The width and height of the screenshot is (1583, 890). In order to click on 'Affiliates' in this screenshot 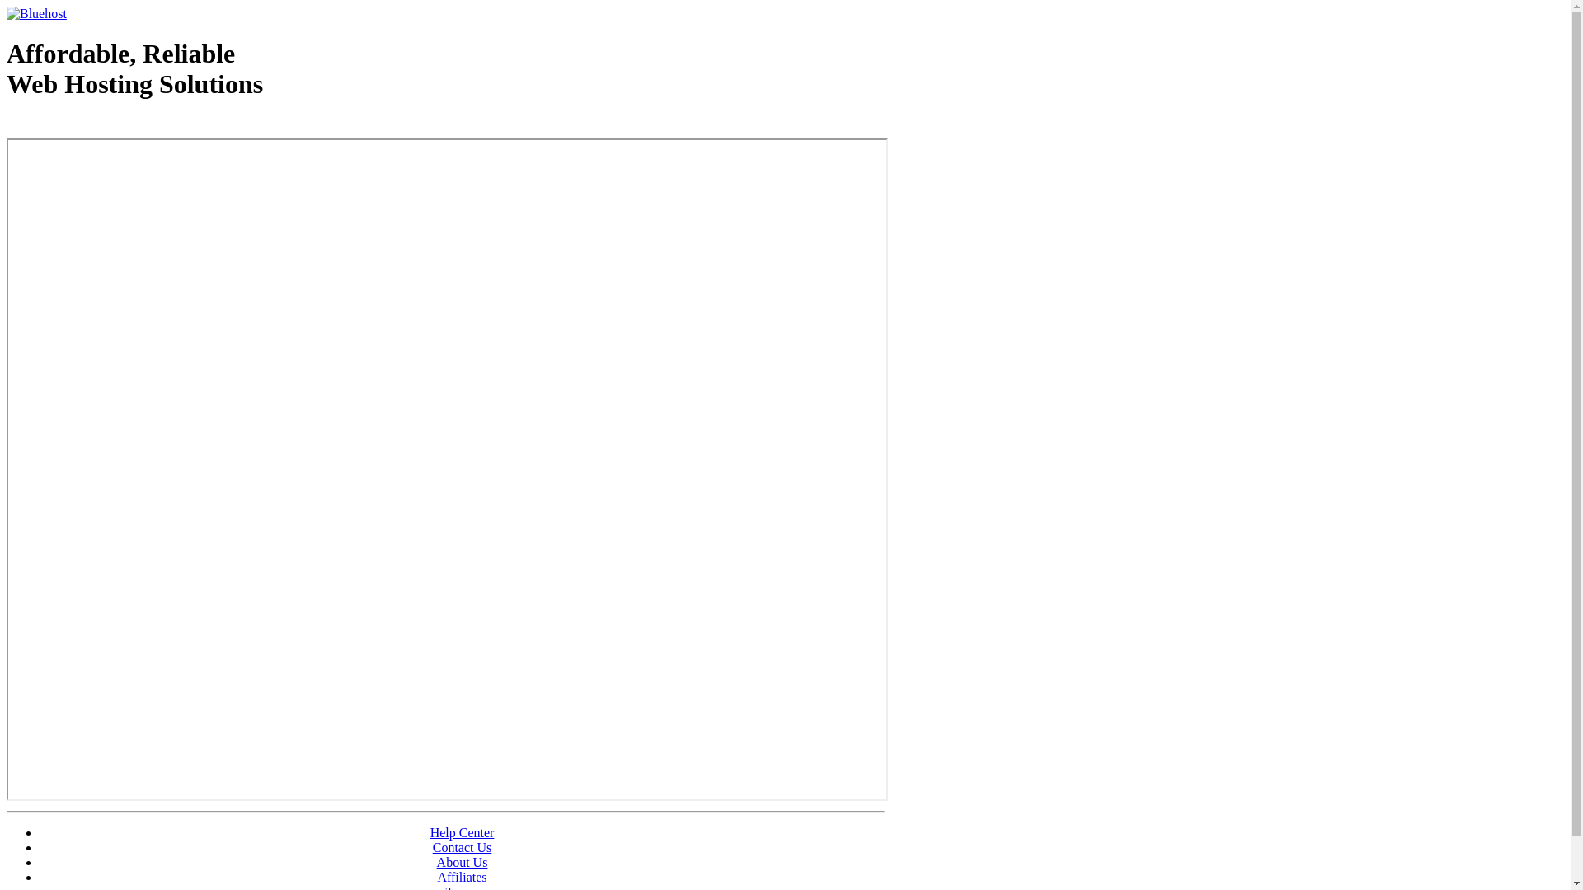, I will do `click(462, 876)`.